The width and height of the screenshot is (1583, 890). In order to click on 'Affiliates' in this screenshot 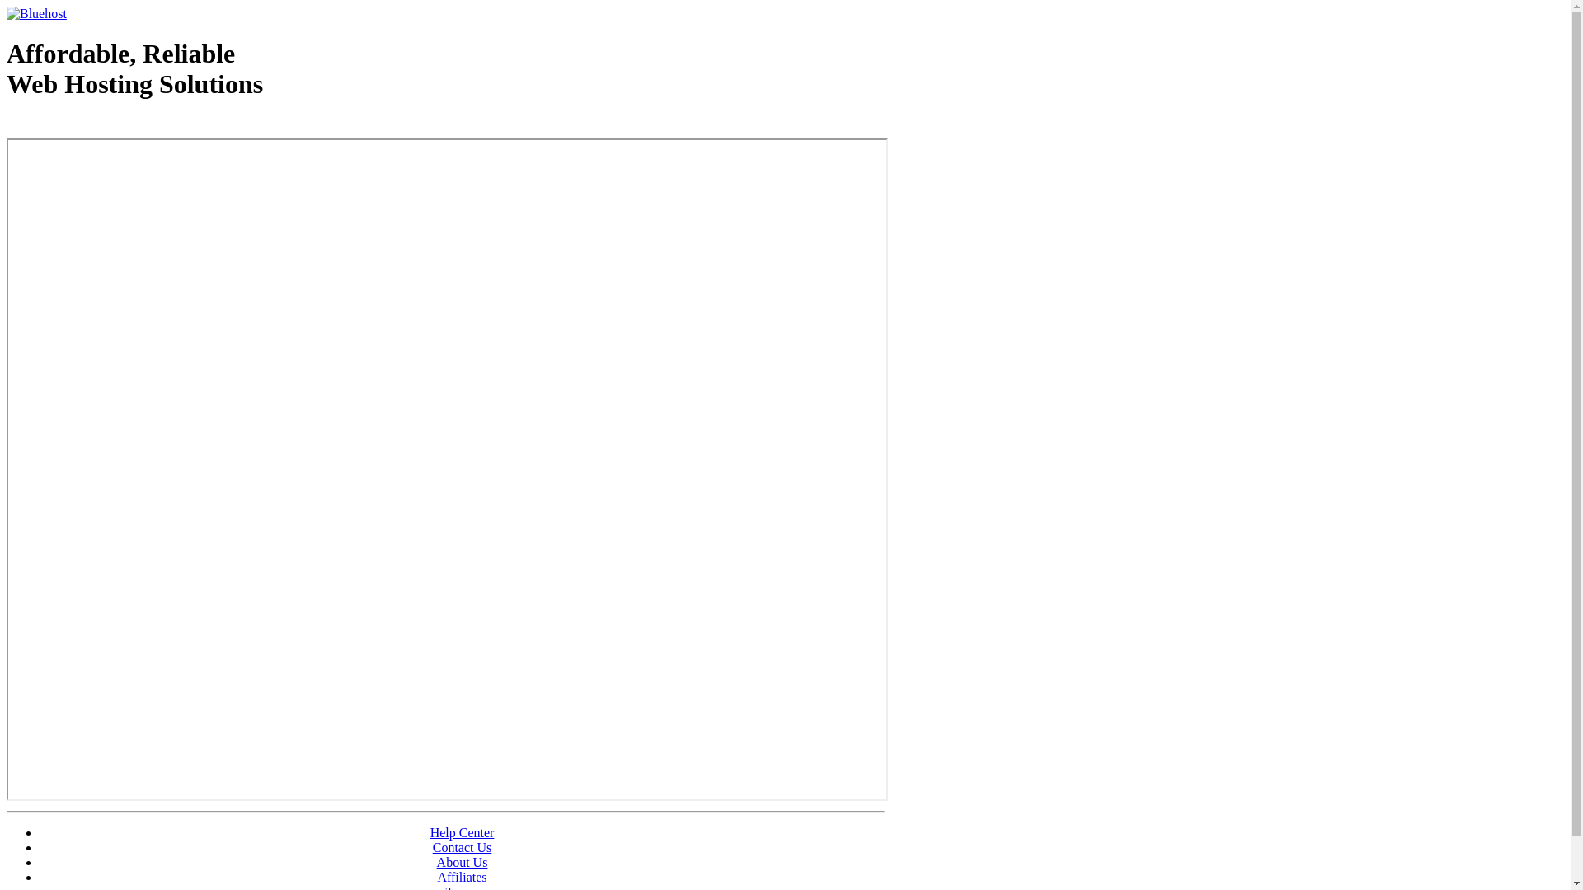, I will do `click(462, 876)`.